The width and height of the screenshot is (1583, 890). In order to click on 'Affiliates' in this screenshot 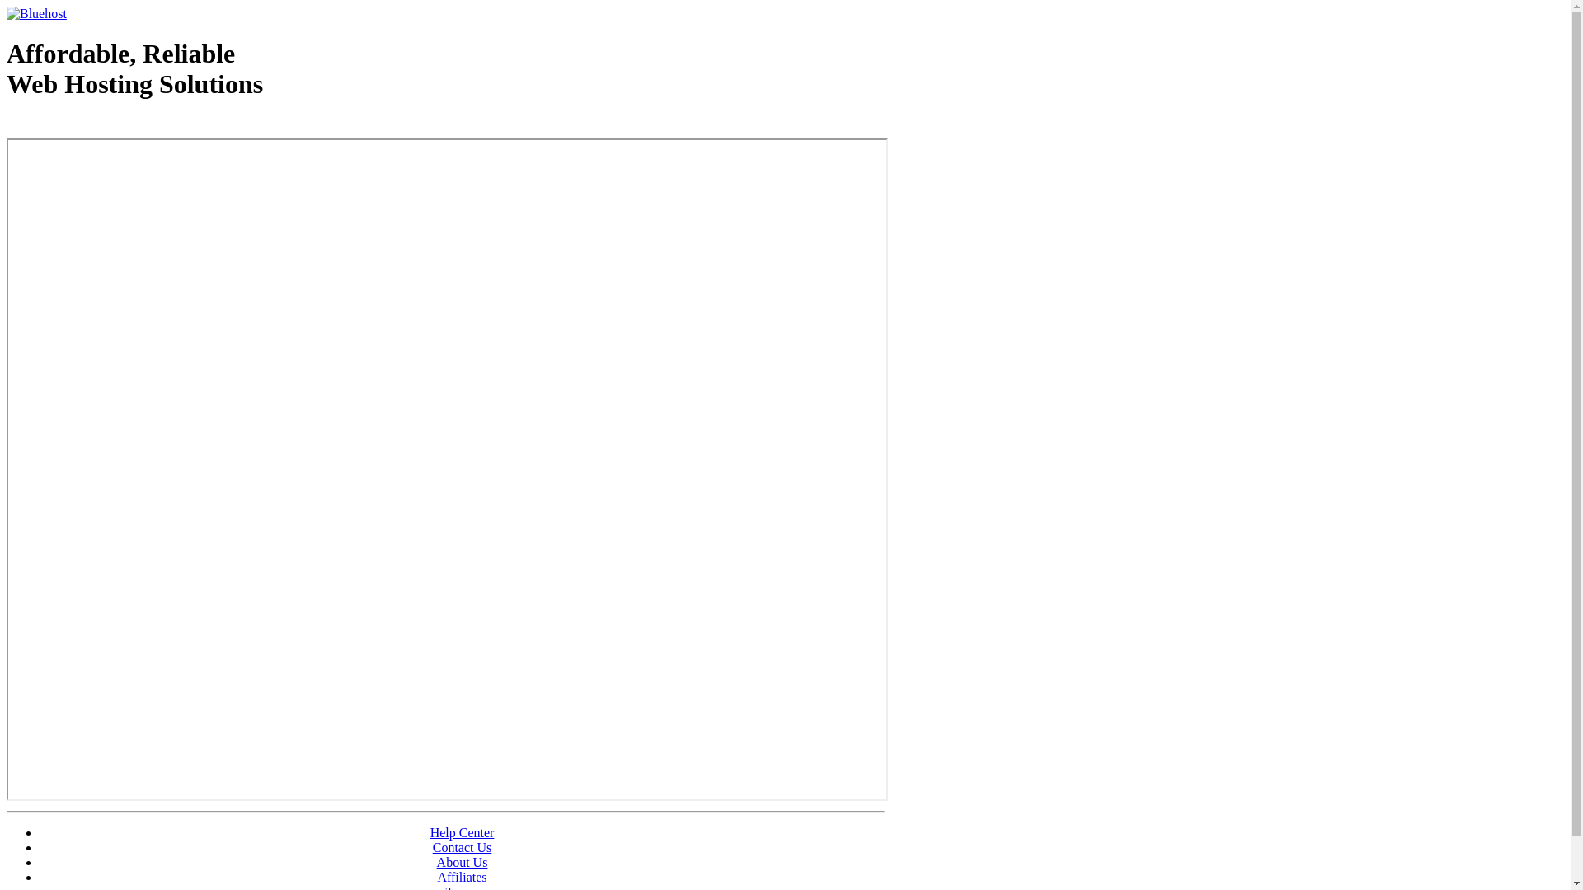, I will do `click(462, 876)`.